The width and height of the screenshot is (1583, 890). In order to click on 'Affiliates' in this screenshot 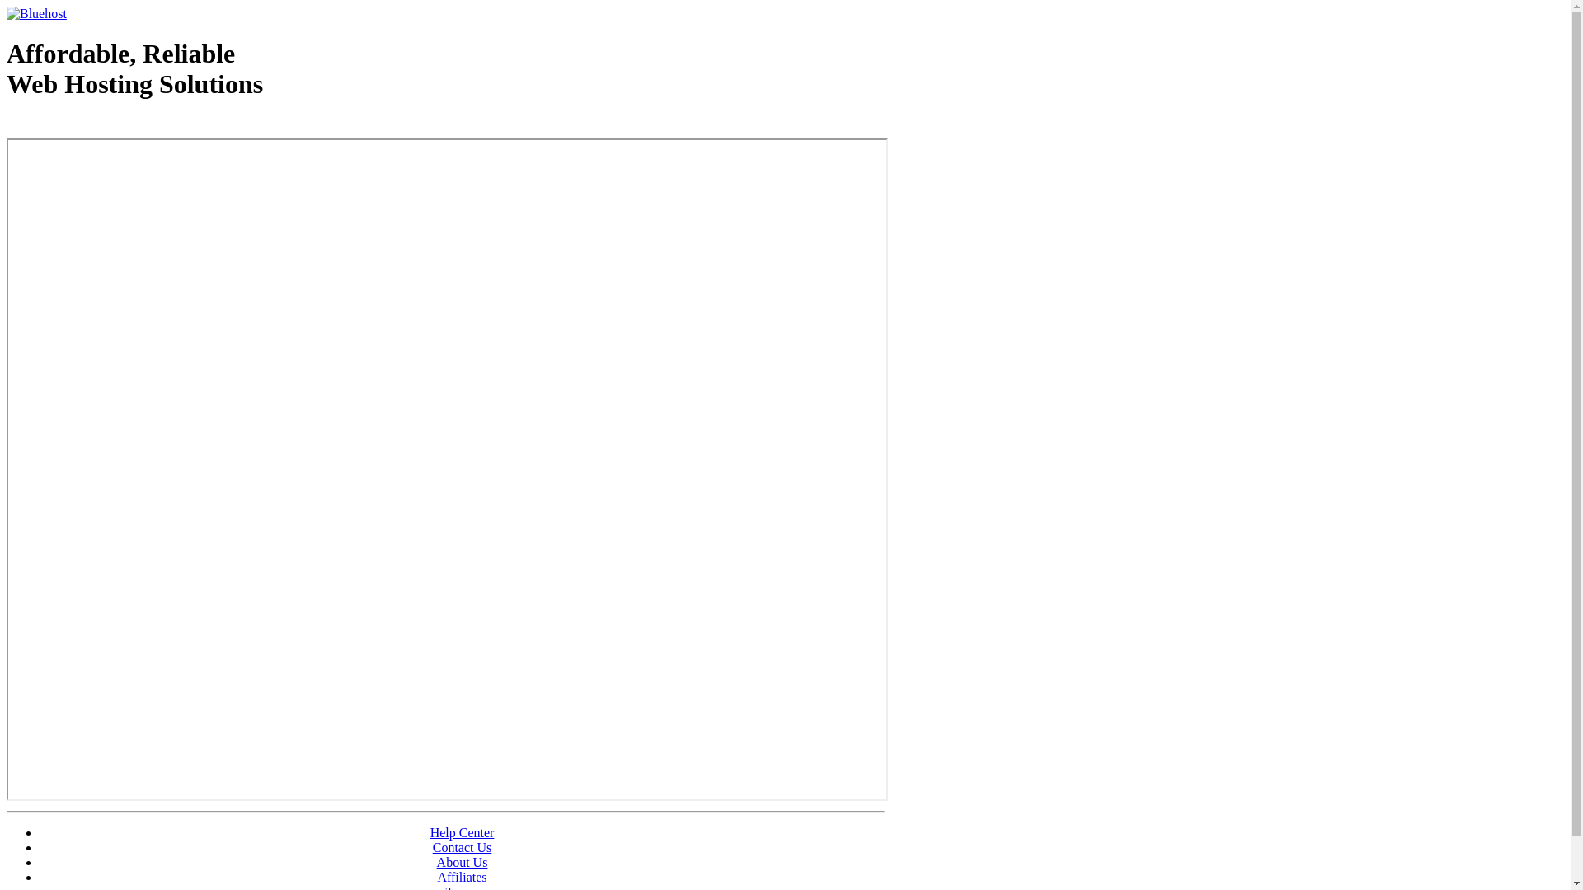, I will do `click(462, 876)`.